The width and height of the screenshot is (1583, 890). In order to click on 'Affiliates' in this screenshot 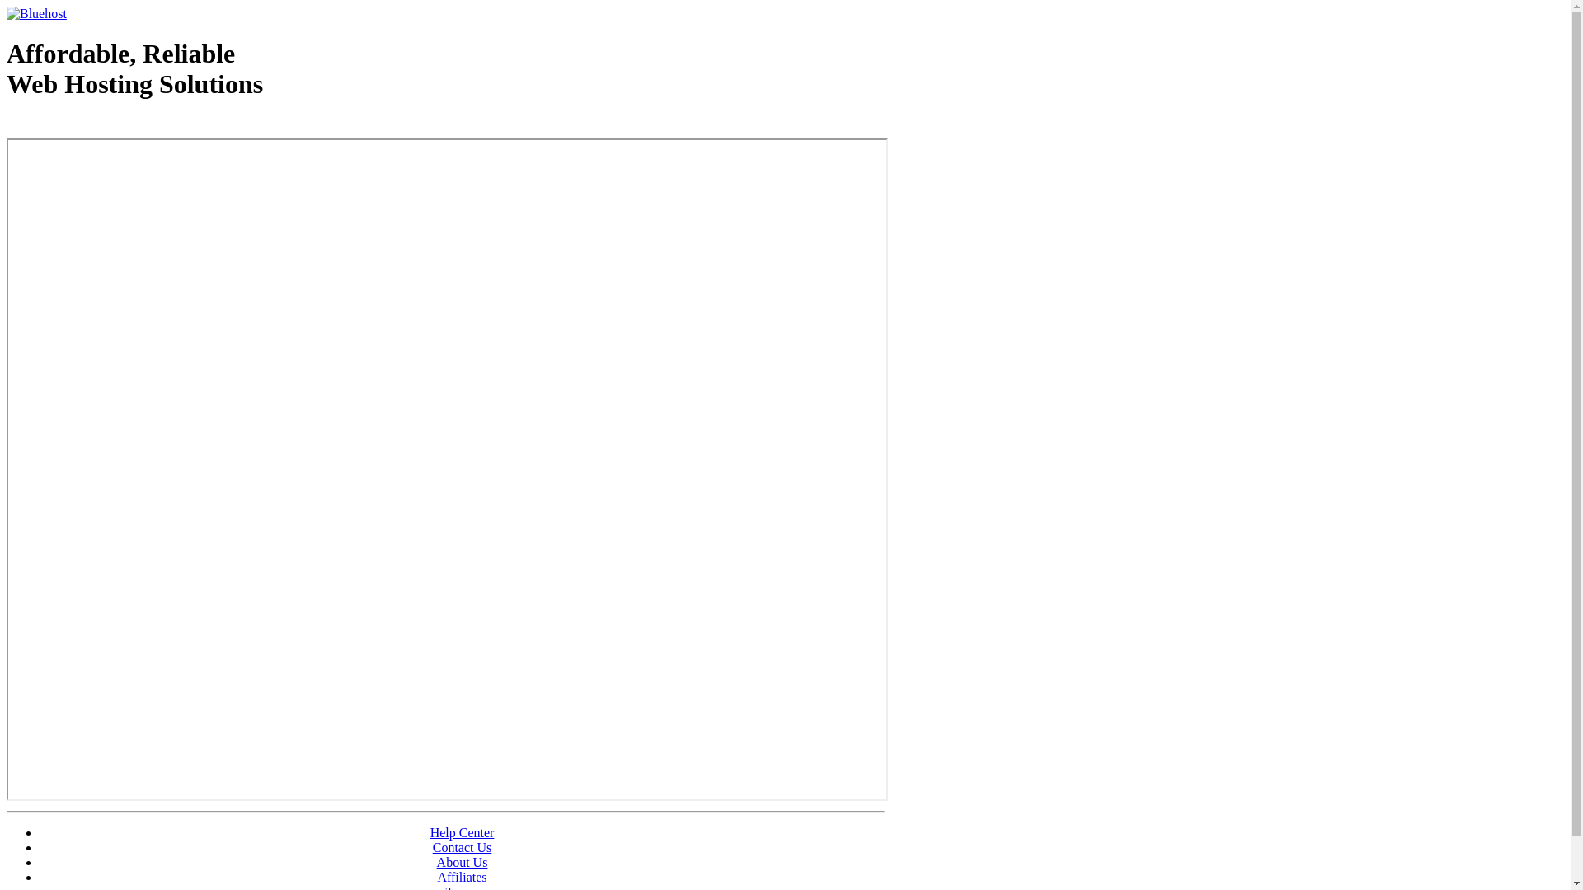, I will do `click(462, 876)`.